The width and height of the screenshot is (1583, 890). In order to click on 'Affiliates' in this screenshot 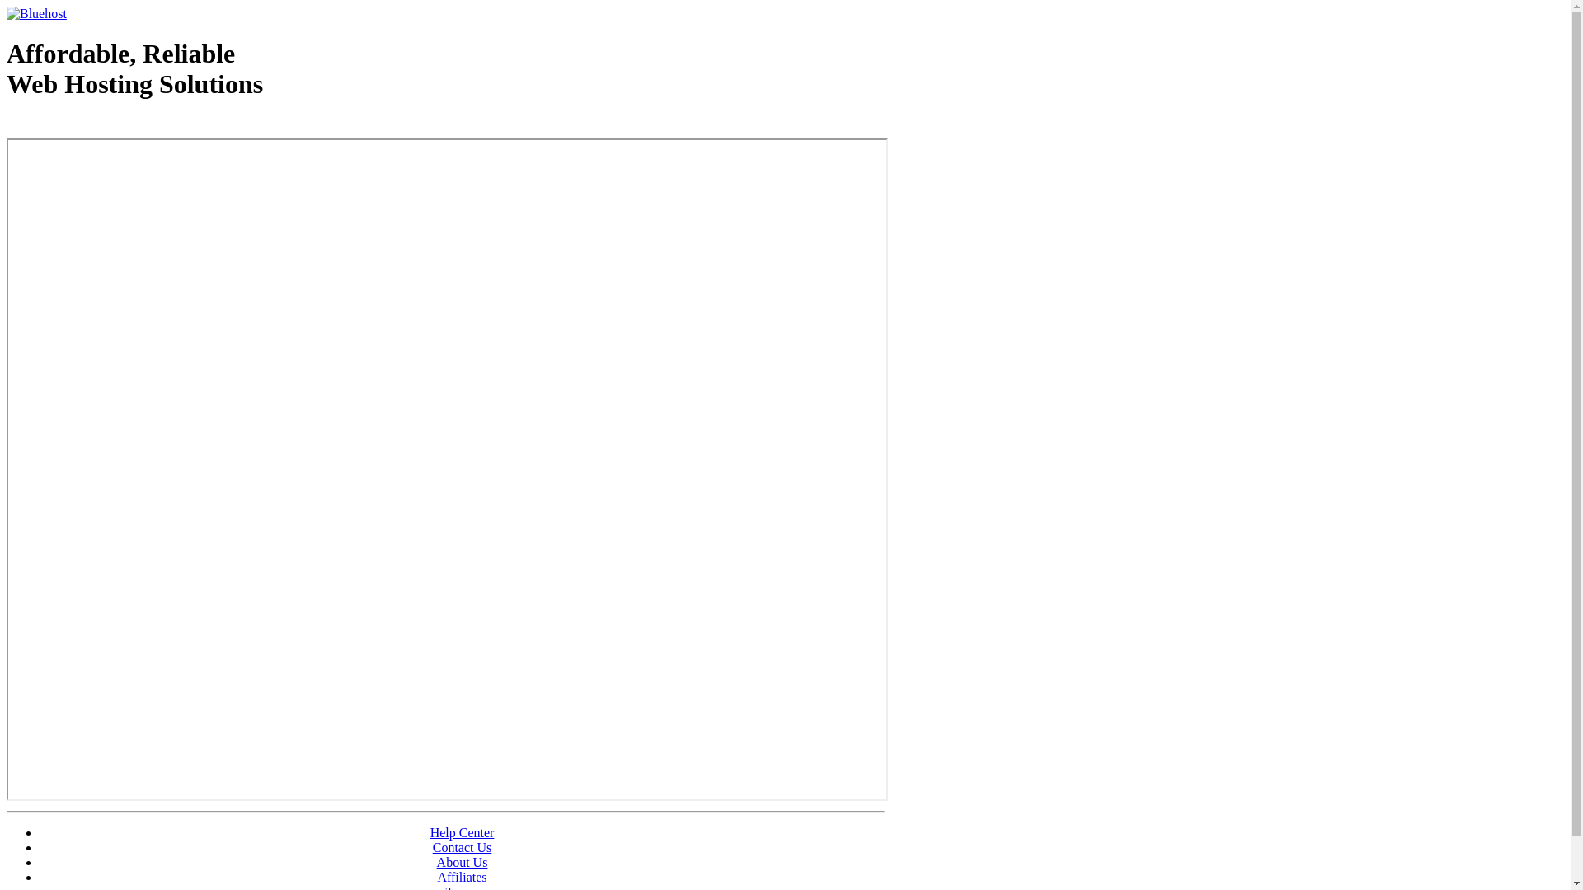, I will do `click(462, 876)`.